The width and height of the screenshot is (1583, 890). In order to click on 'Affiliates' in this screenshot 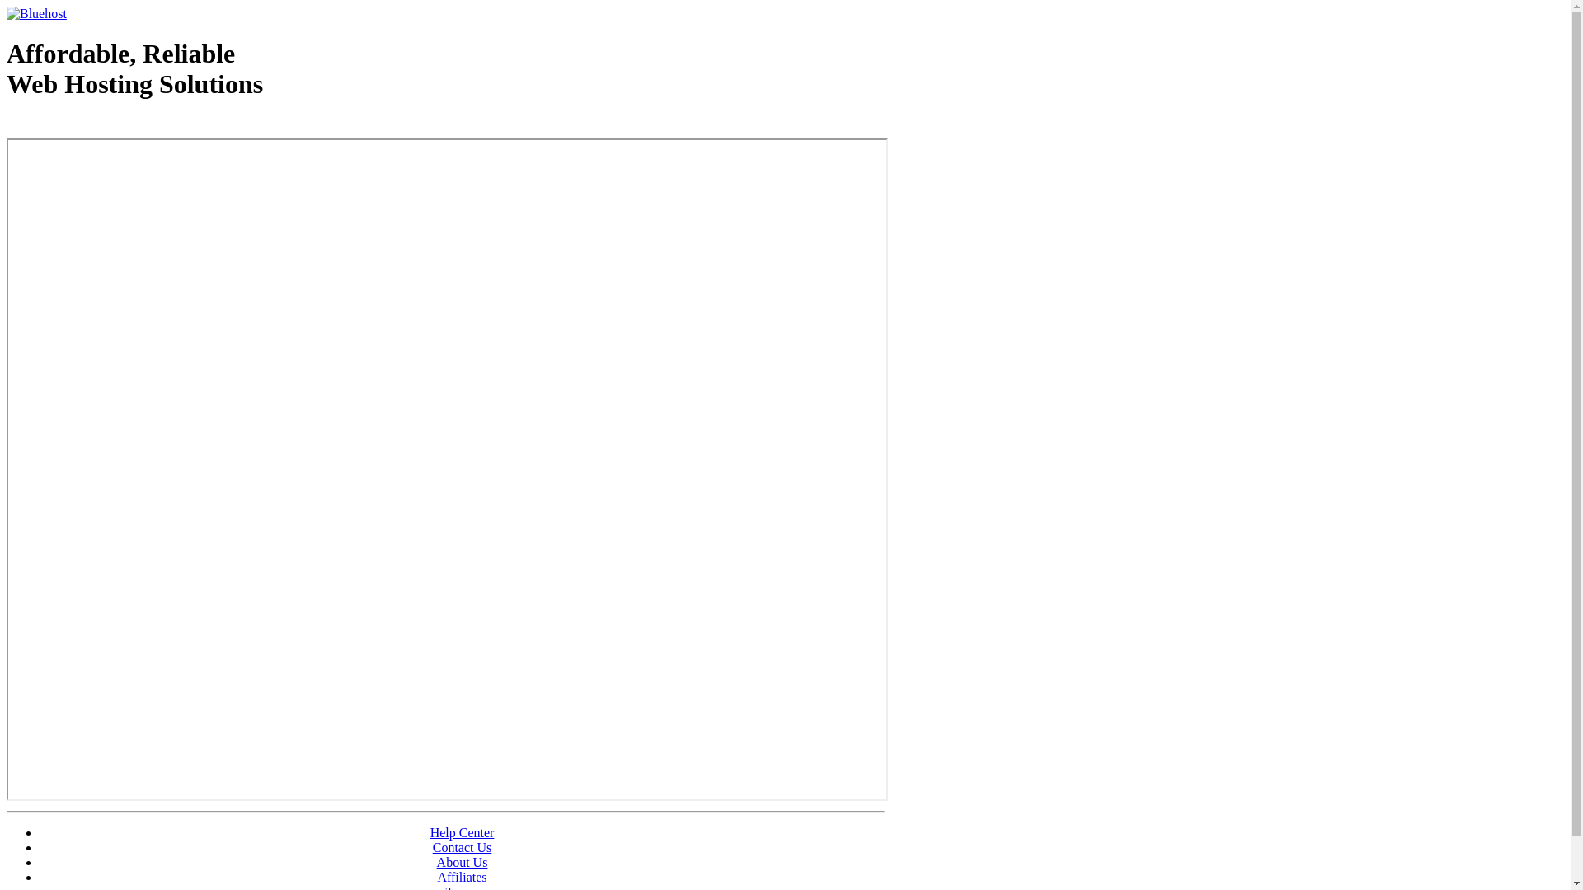, I will do `click(462, 876)`.